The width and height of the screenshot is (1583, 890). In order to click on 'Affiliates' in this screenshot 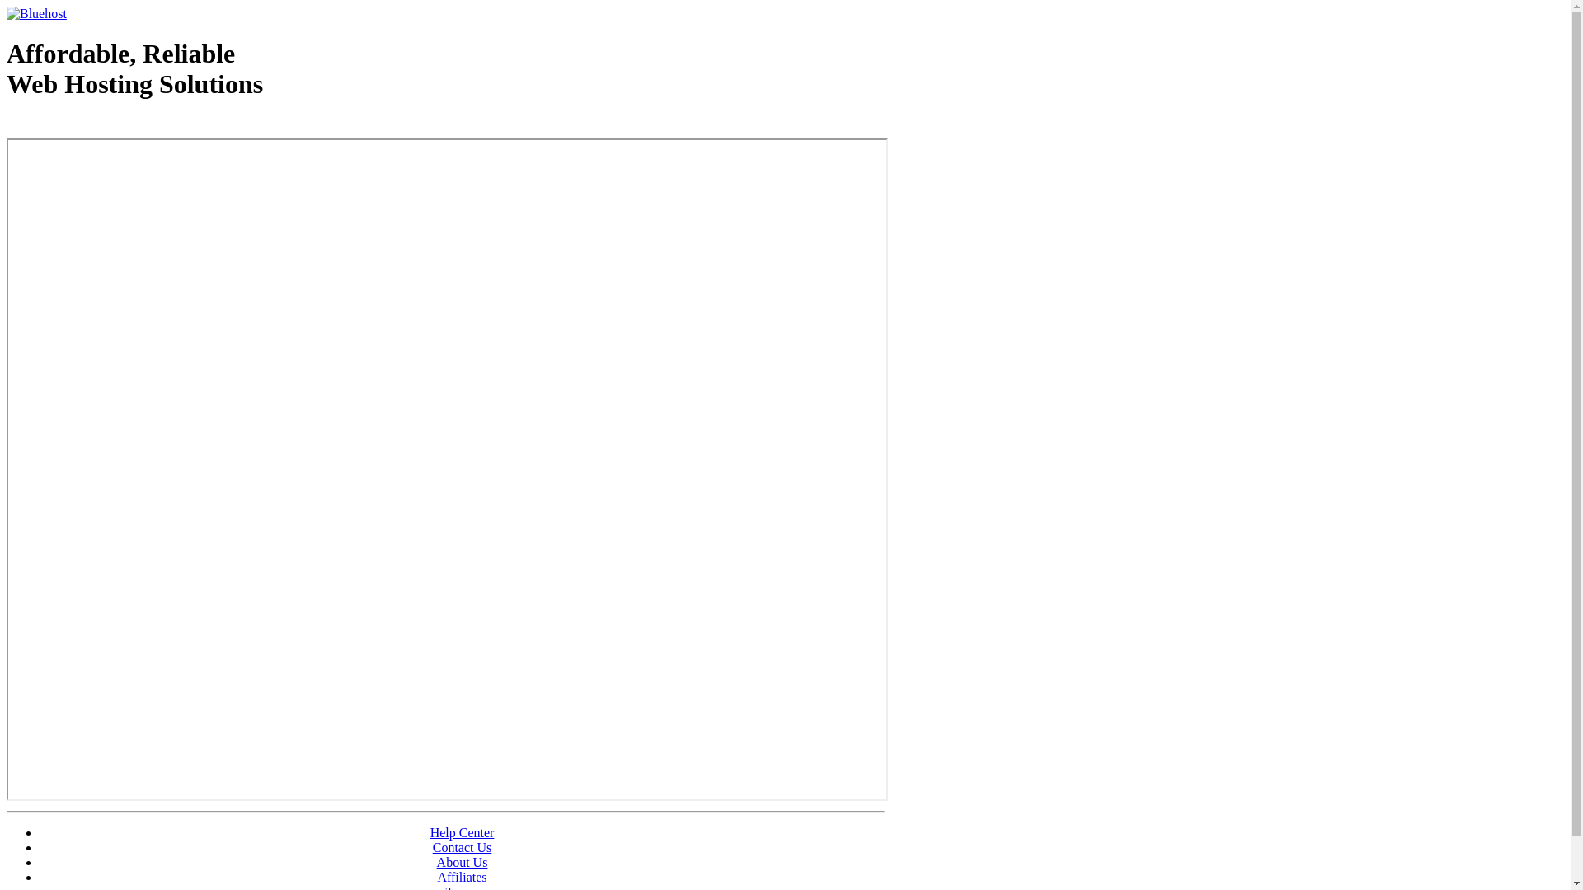, I will do `click(462, 876)`.